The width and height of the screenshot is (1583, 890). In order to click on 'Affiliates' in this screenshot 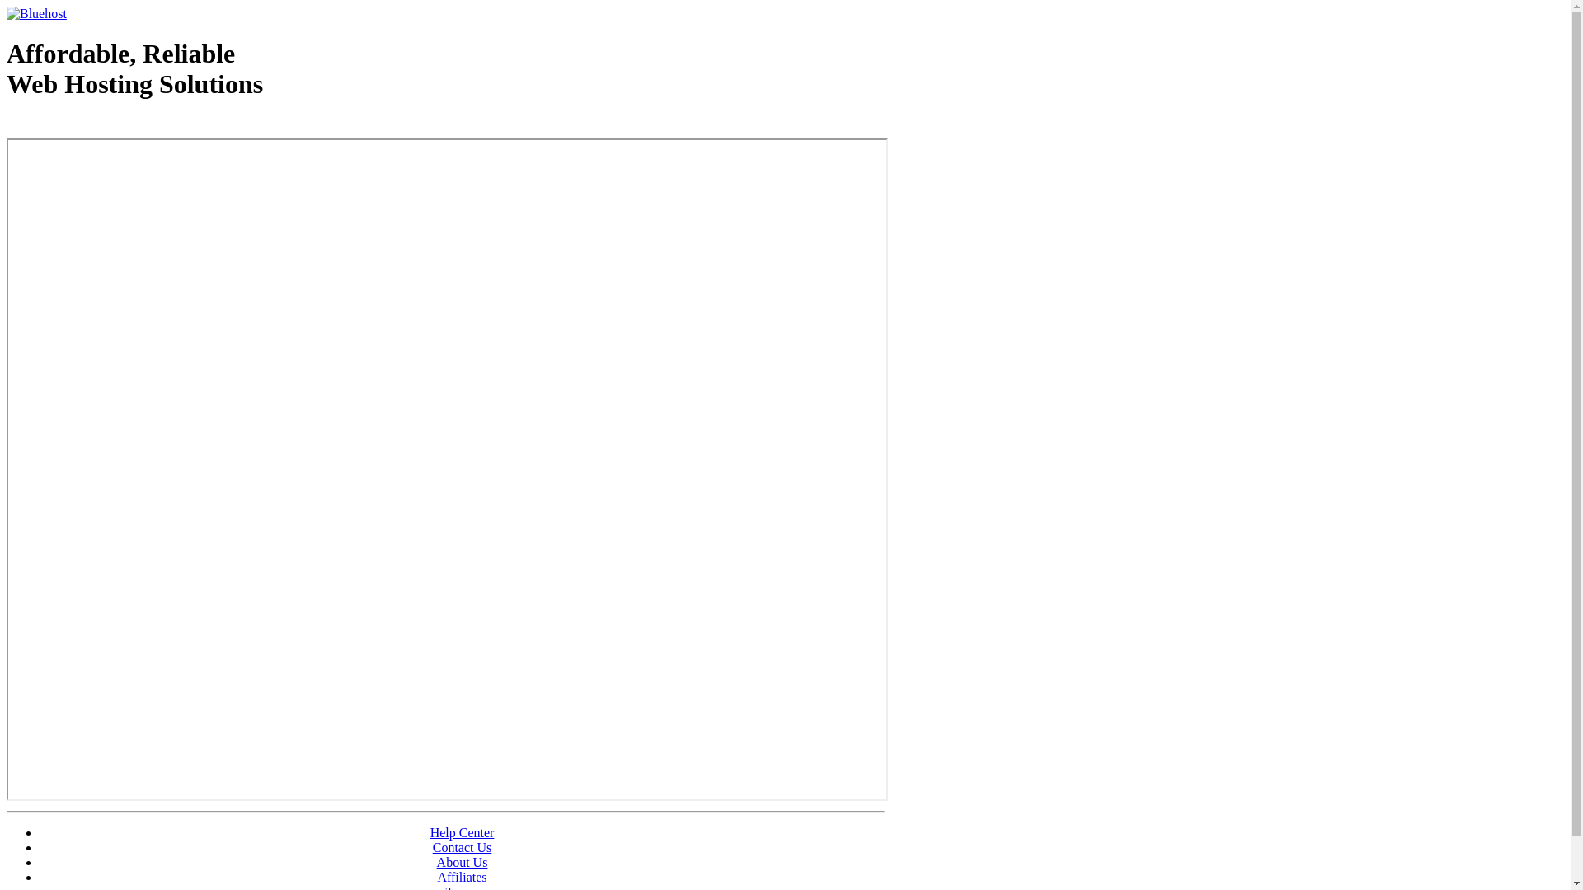, I will do `click(462, 876)`.